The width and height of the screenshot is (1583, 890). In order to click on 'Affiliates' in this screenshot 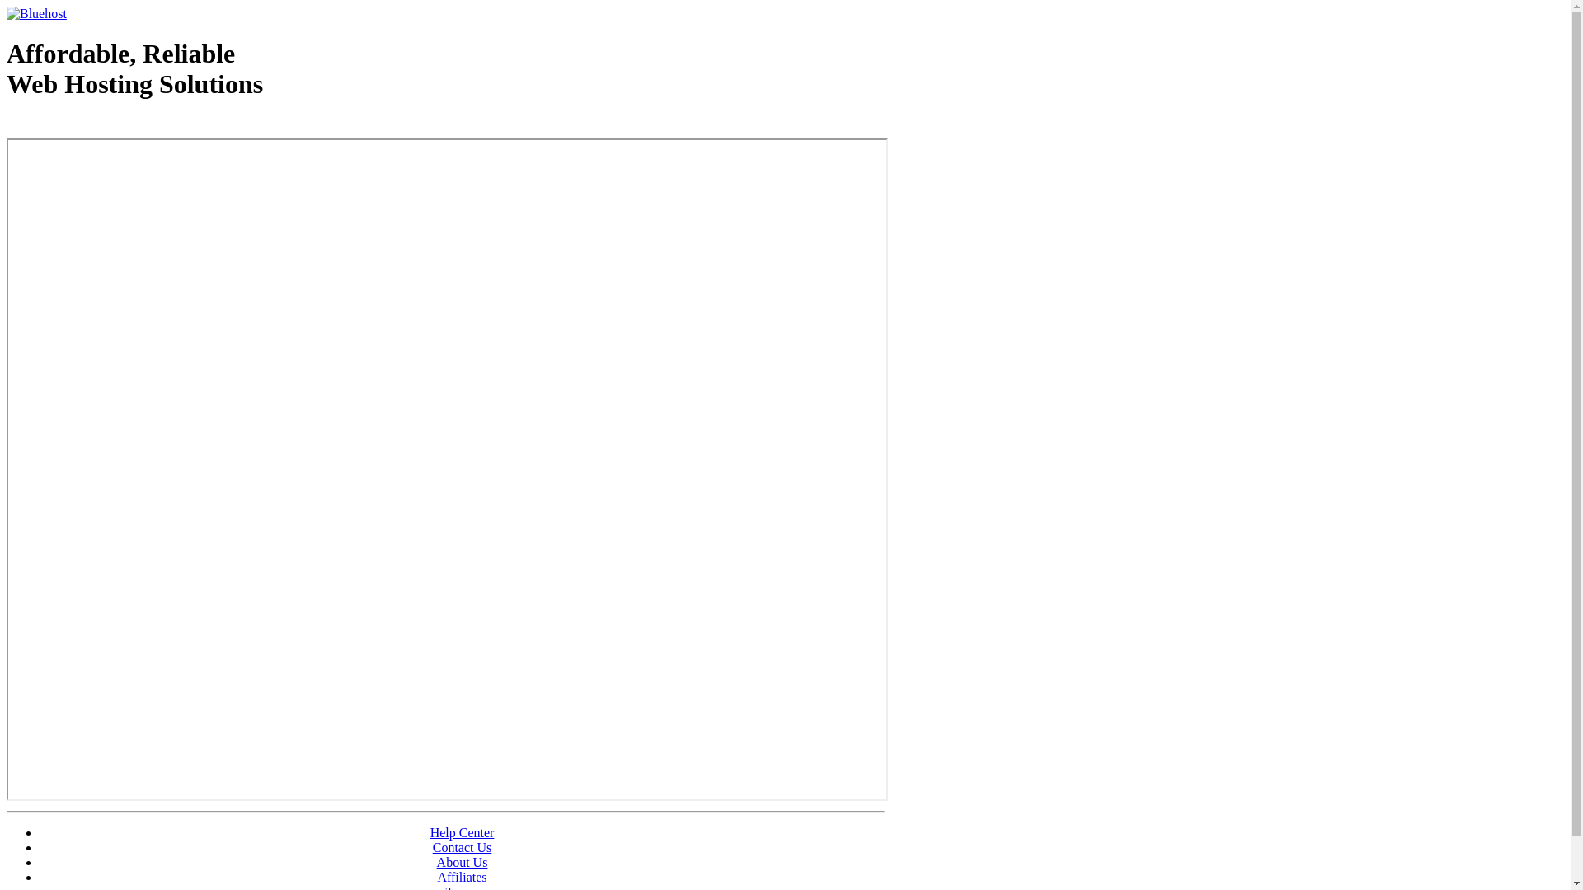, I will do `click(462, 876)`.